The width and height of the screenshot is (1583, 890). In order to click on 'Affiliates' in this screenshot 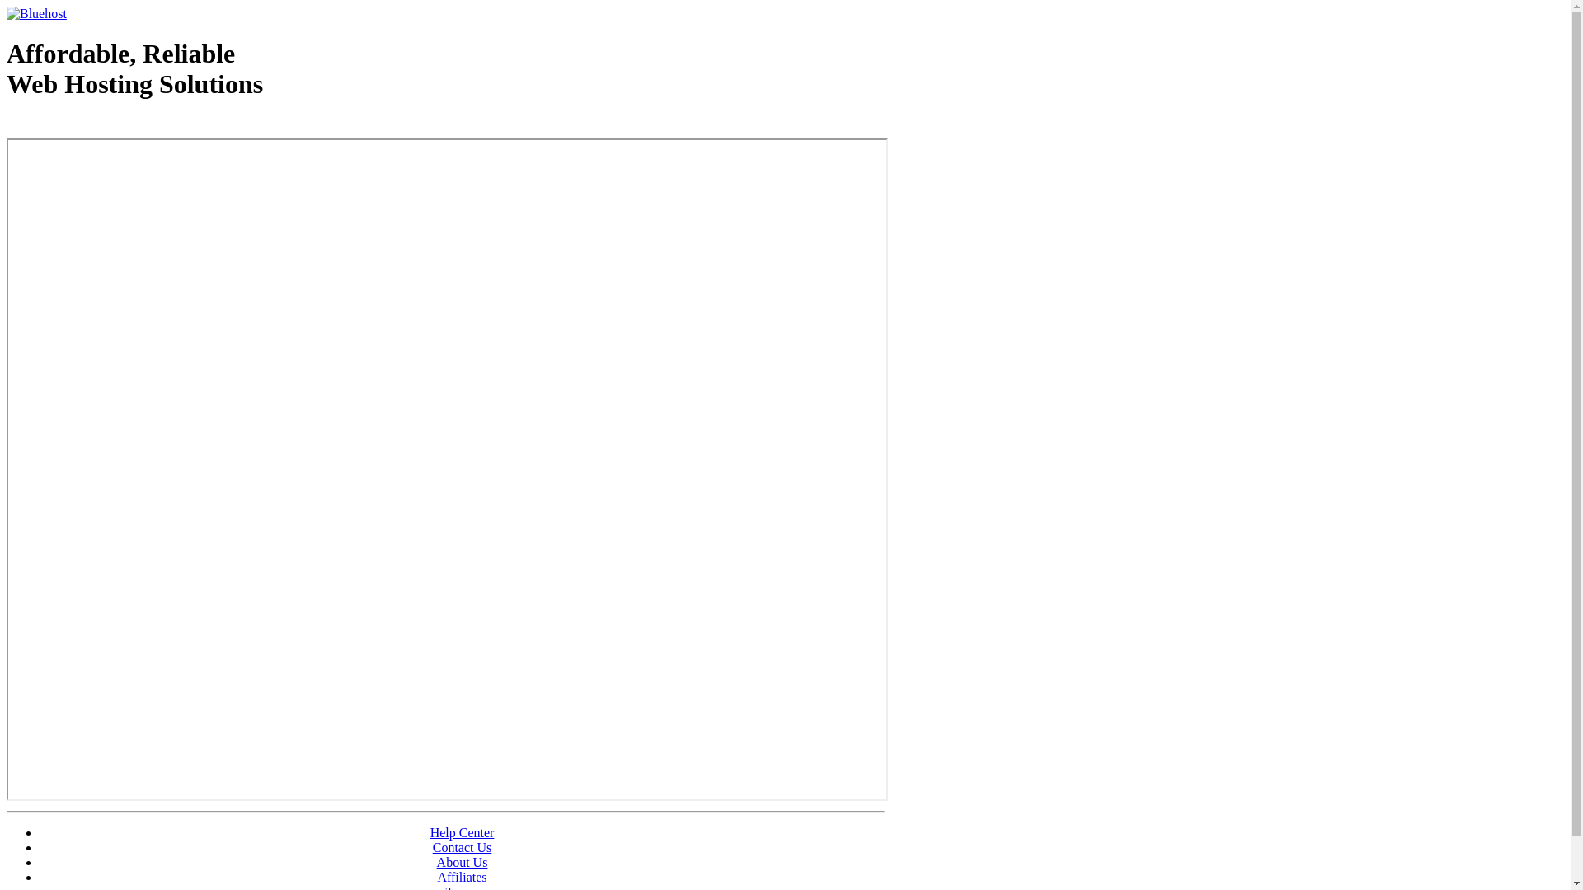, I will do `click(462, 876)`.